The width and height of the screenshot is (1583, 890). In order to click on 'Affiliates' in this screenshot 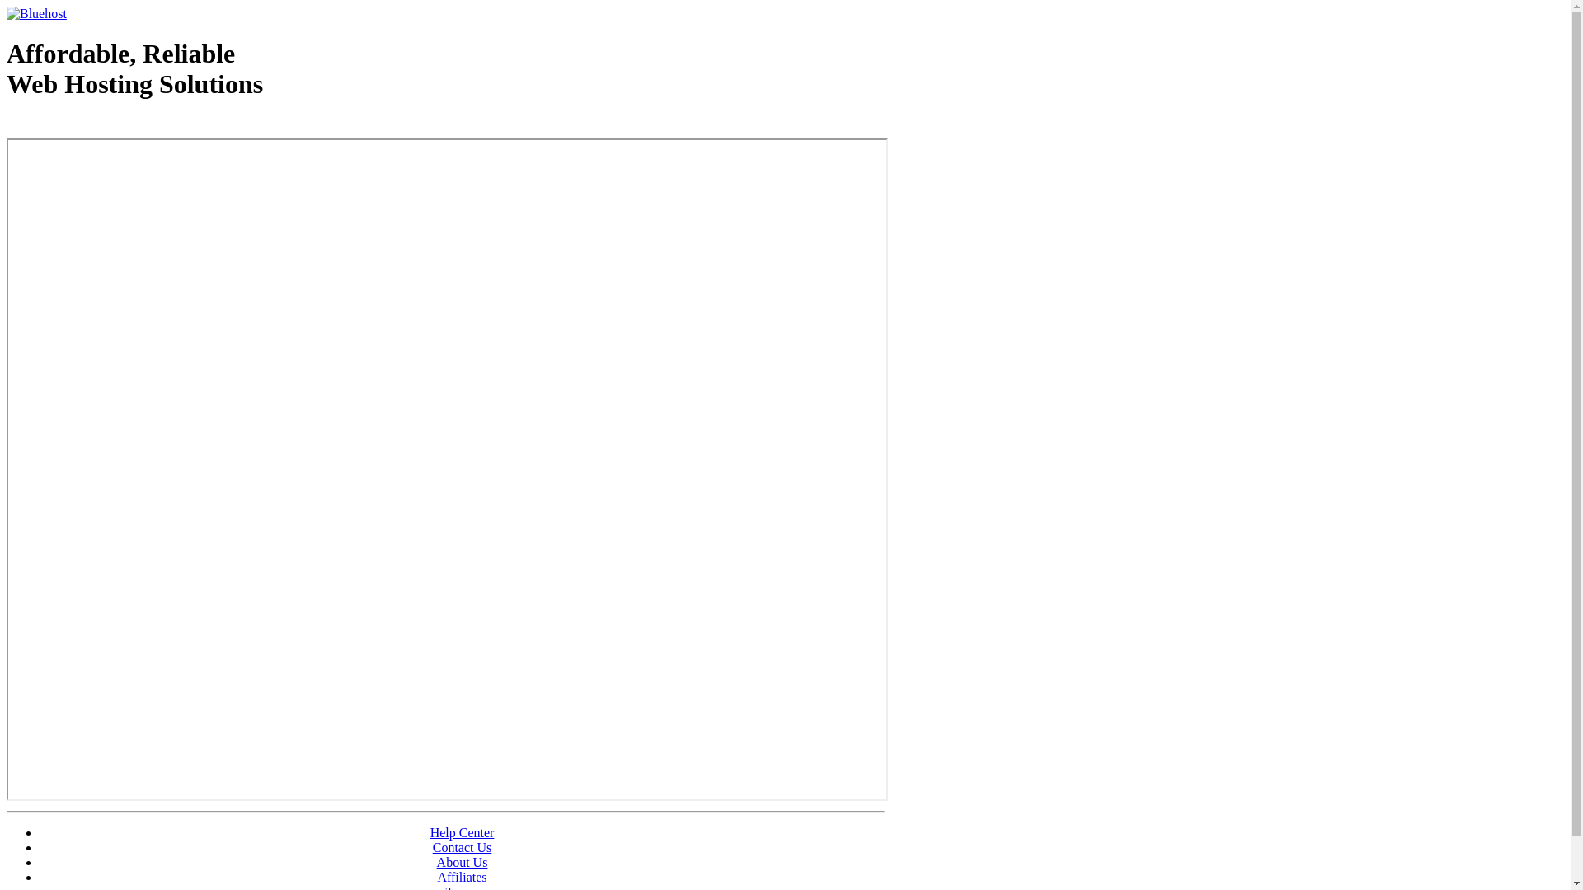, I will do `click(462, 876)`.